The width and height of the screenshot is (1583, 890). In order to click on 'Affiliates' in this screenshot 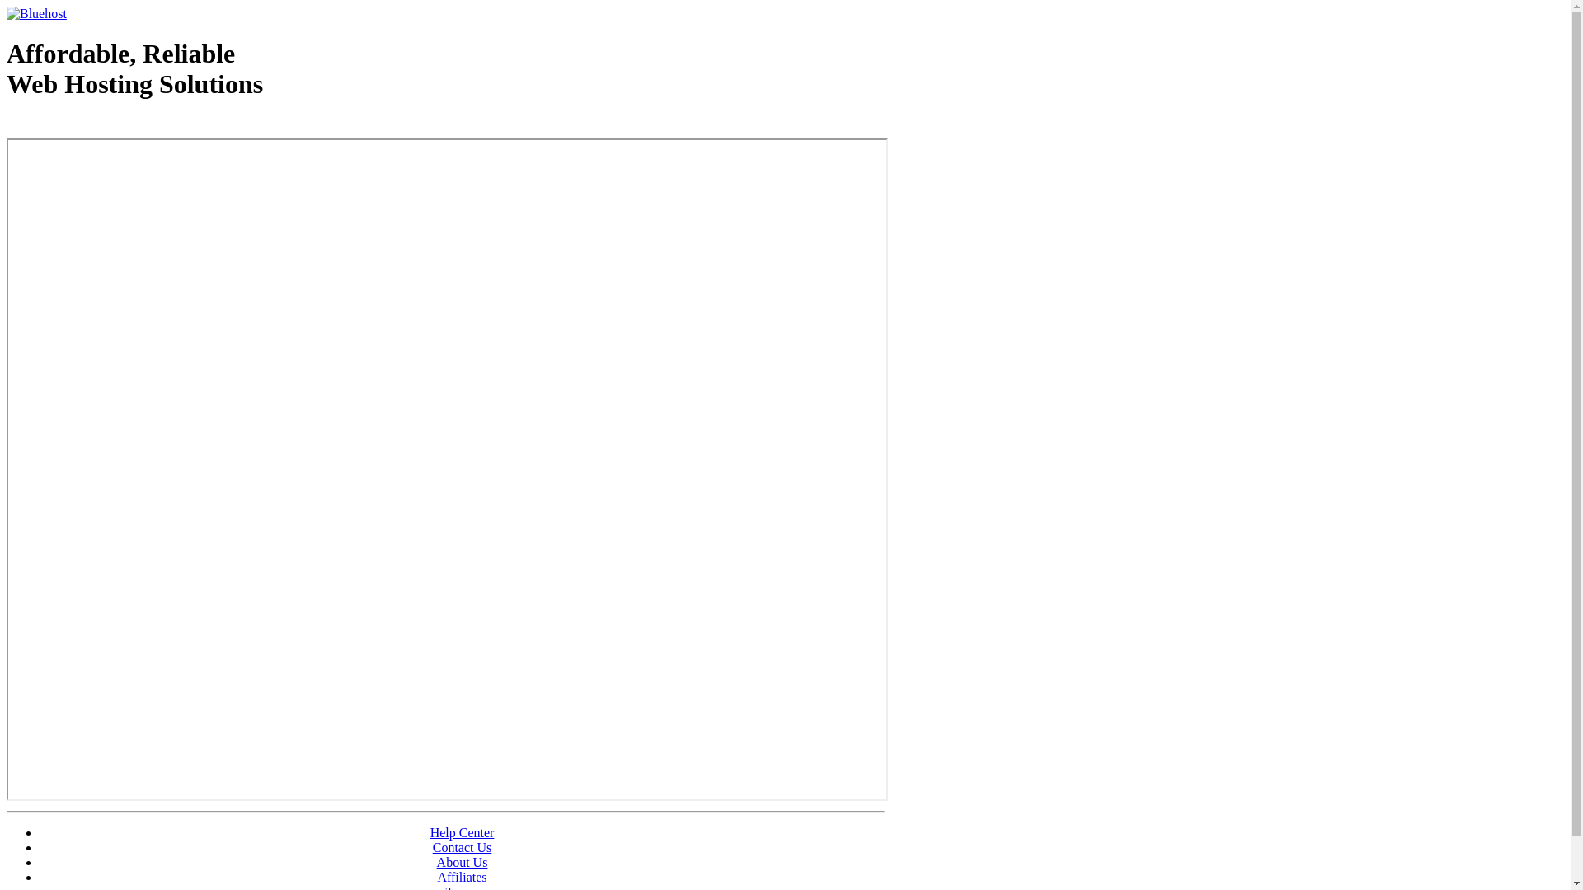, I will do `click(462, 876)`.